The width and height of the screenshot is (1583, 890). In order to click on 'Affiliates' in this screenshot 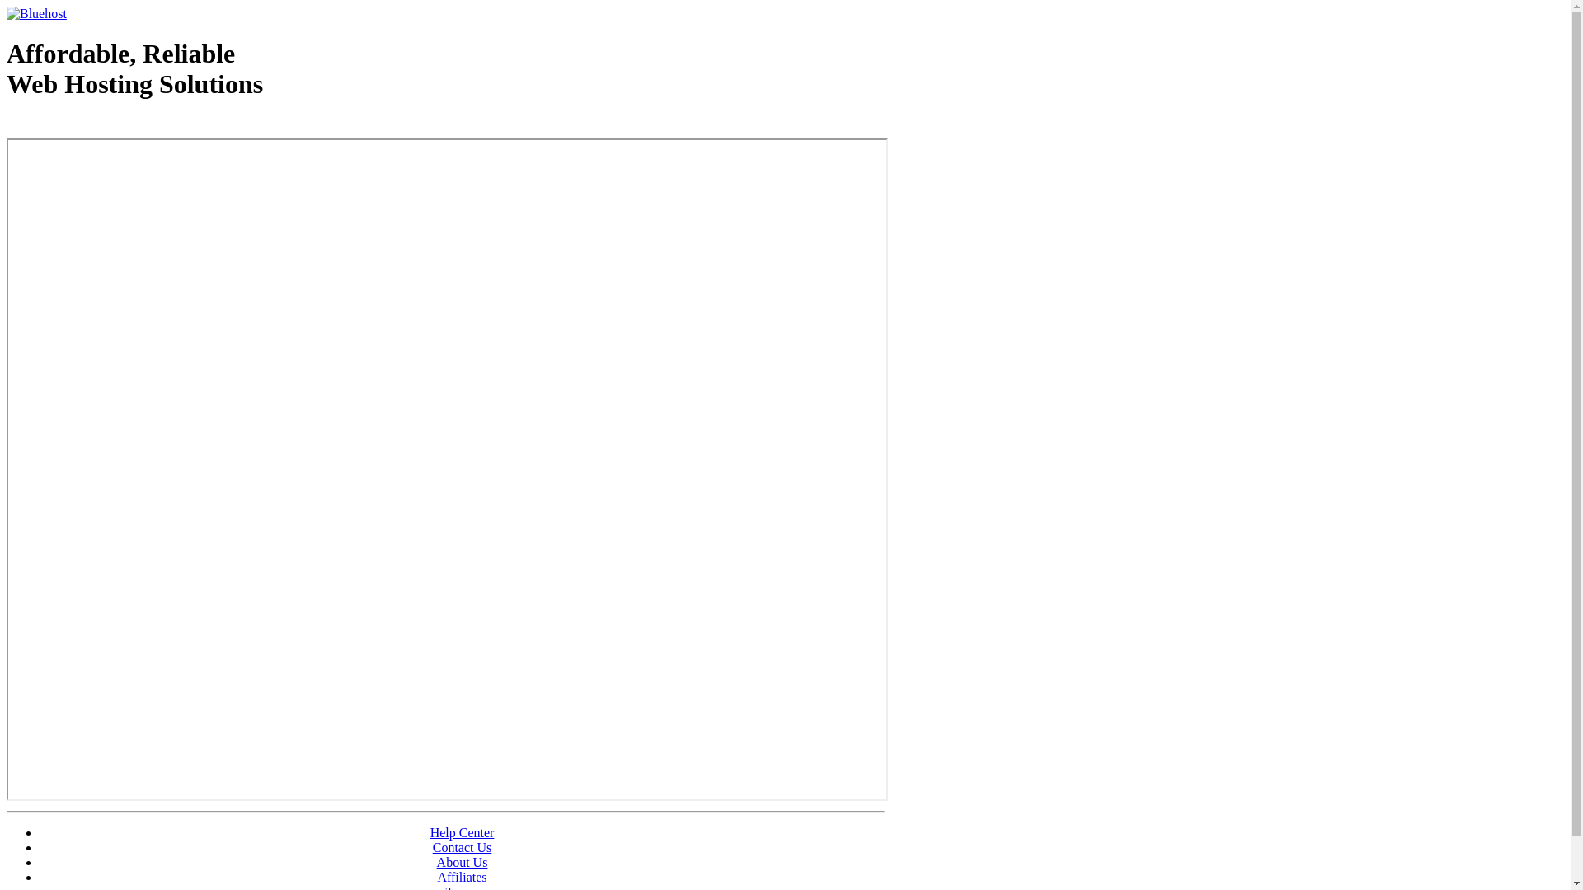, I will do `click(462, 876)`.